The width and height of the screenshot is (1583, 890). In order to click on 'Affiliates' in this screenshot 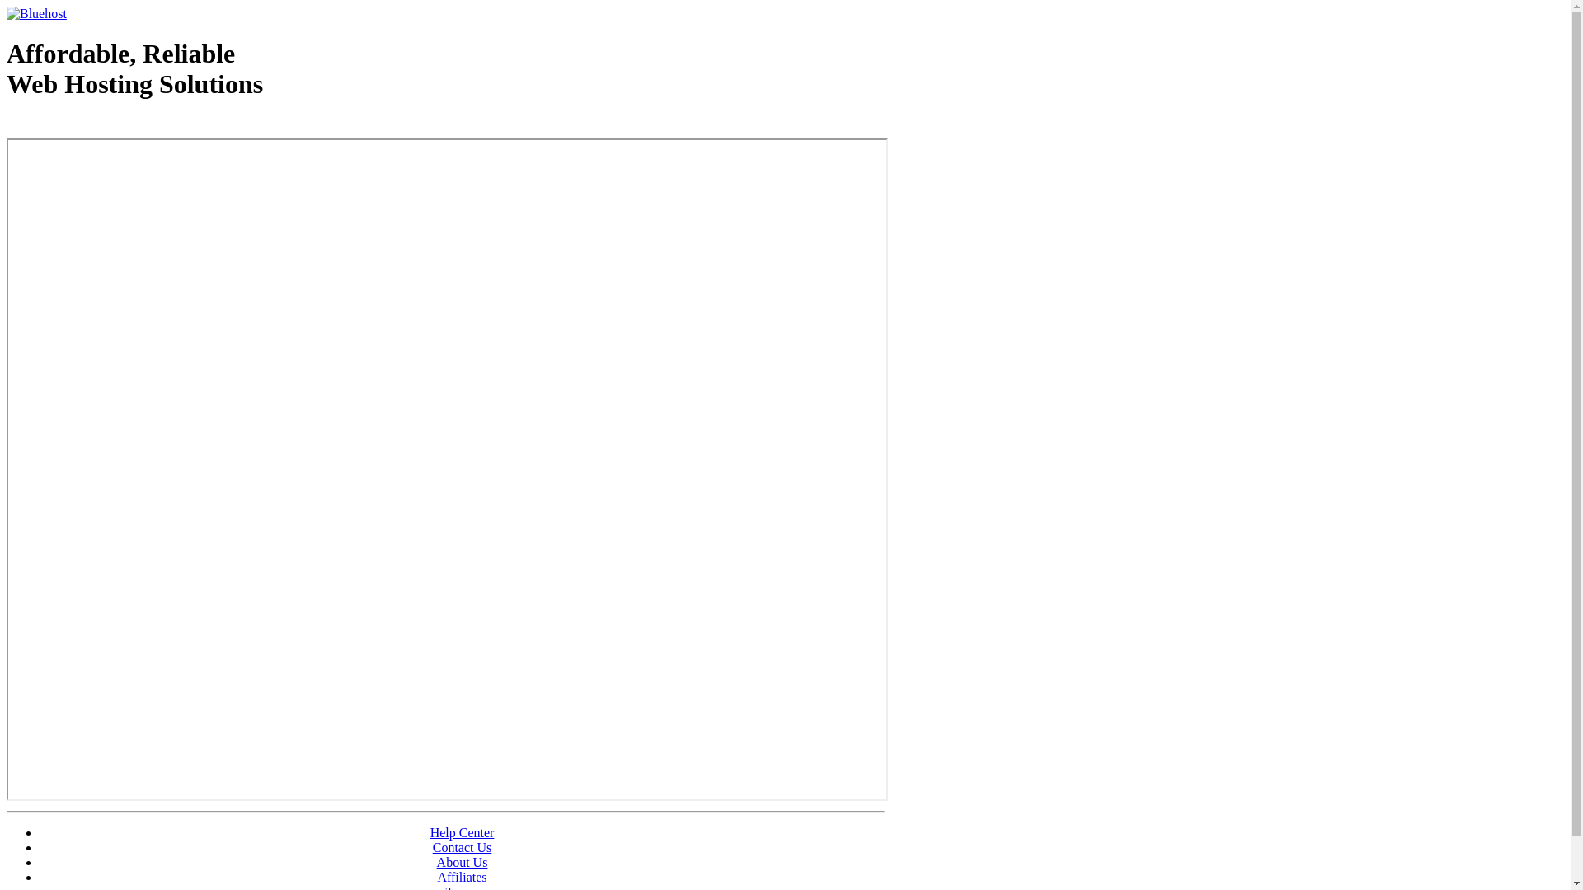, I will do `click(462, 876)`.